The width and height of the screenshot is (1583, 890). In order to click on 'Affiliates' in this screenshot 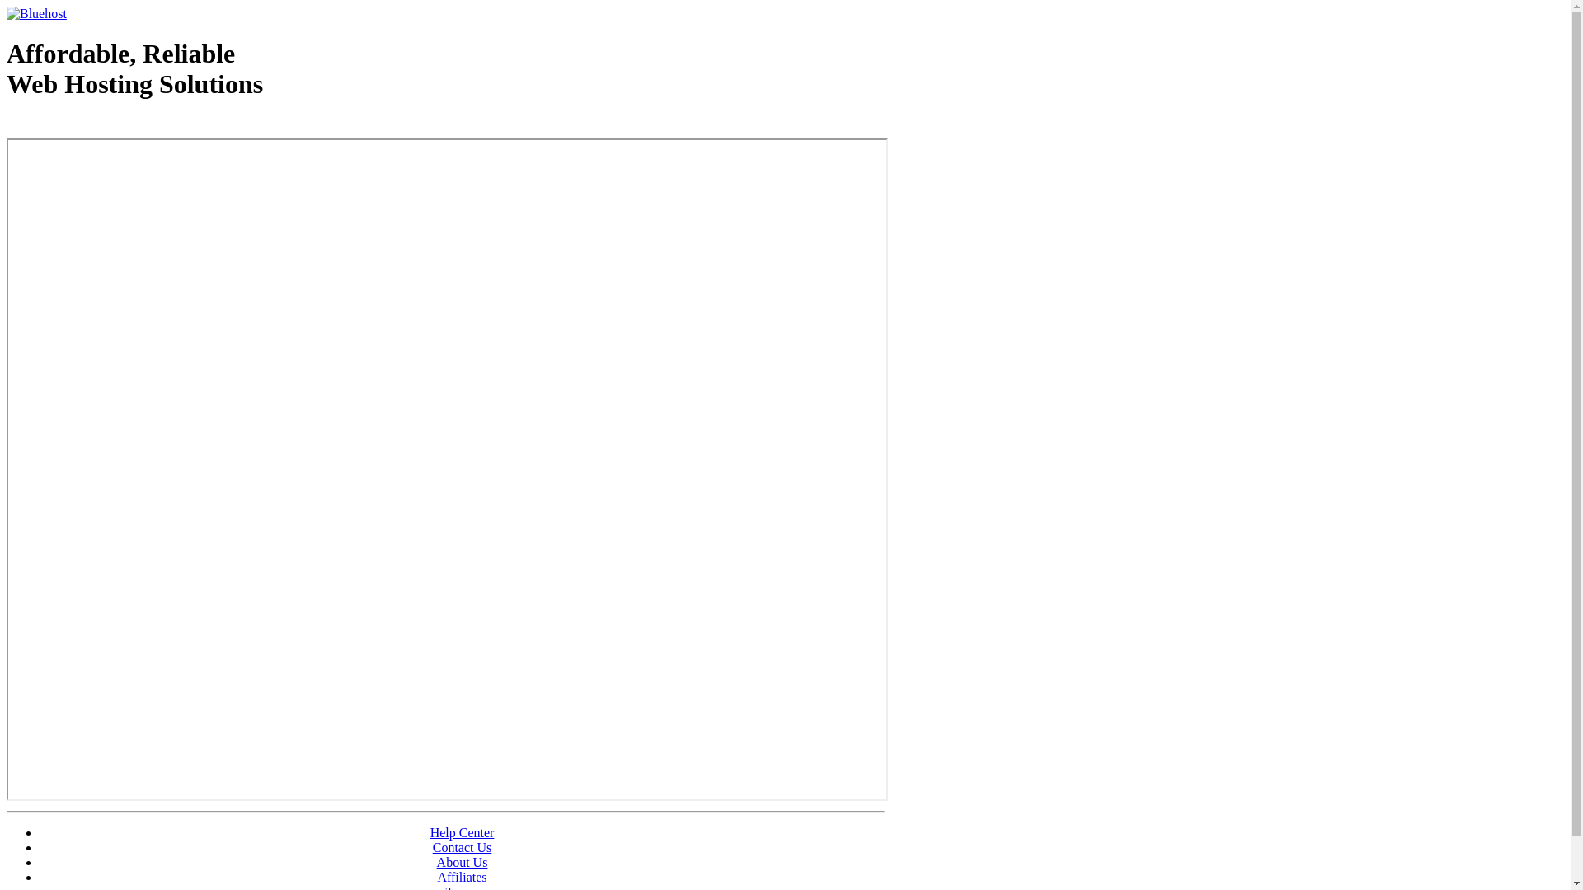, I will do `click(462, 876)`.